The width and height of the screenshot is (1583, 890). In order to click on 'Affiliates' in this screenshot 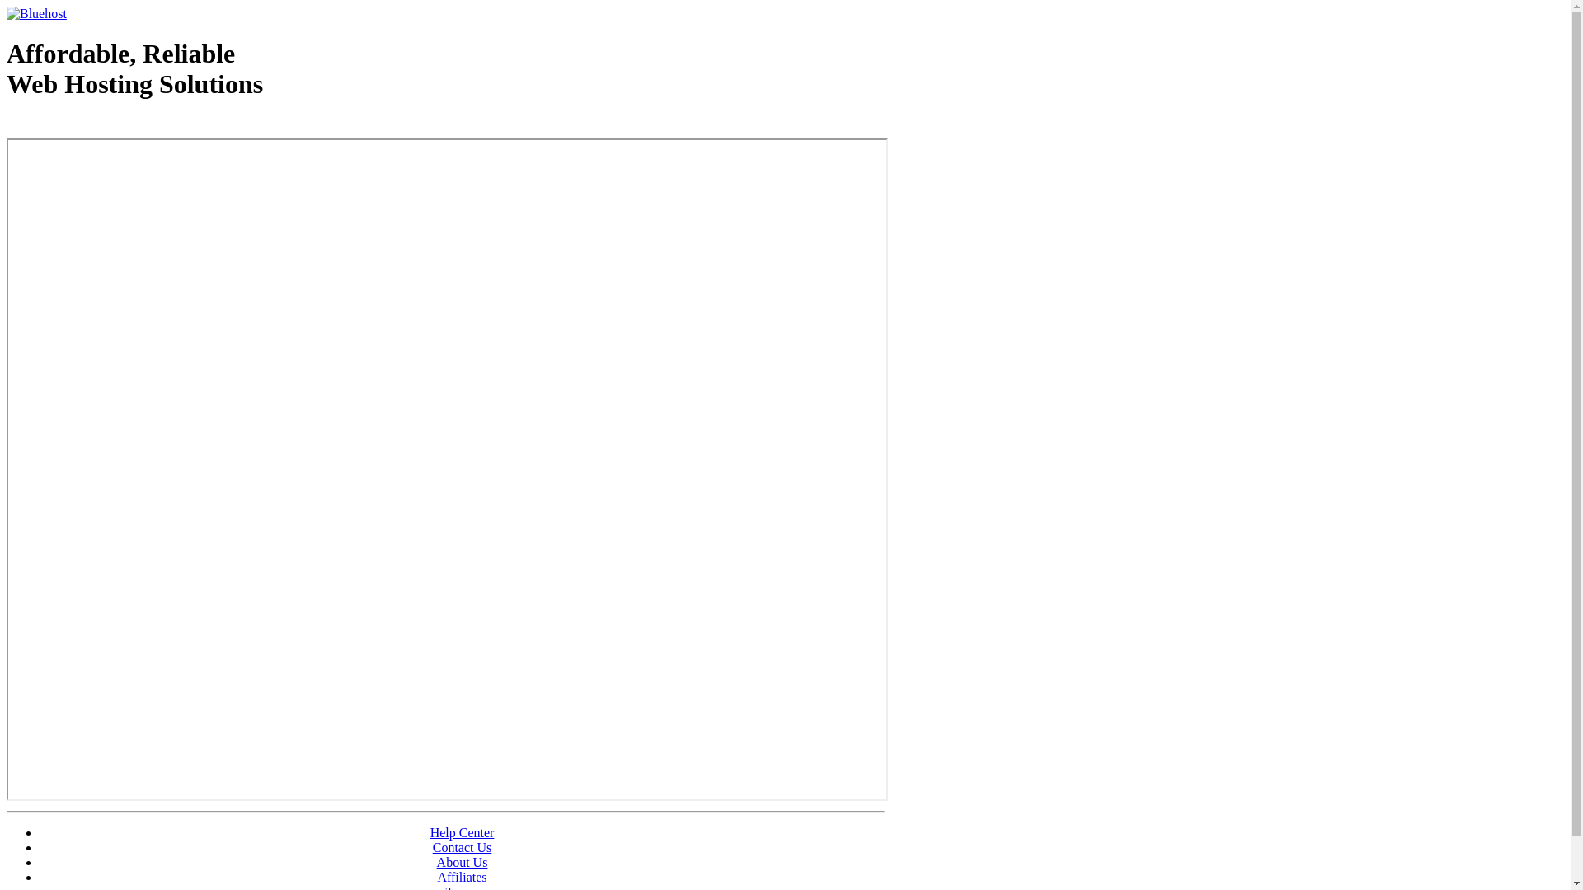, I will do `click(462, 876)`.